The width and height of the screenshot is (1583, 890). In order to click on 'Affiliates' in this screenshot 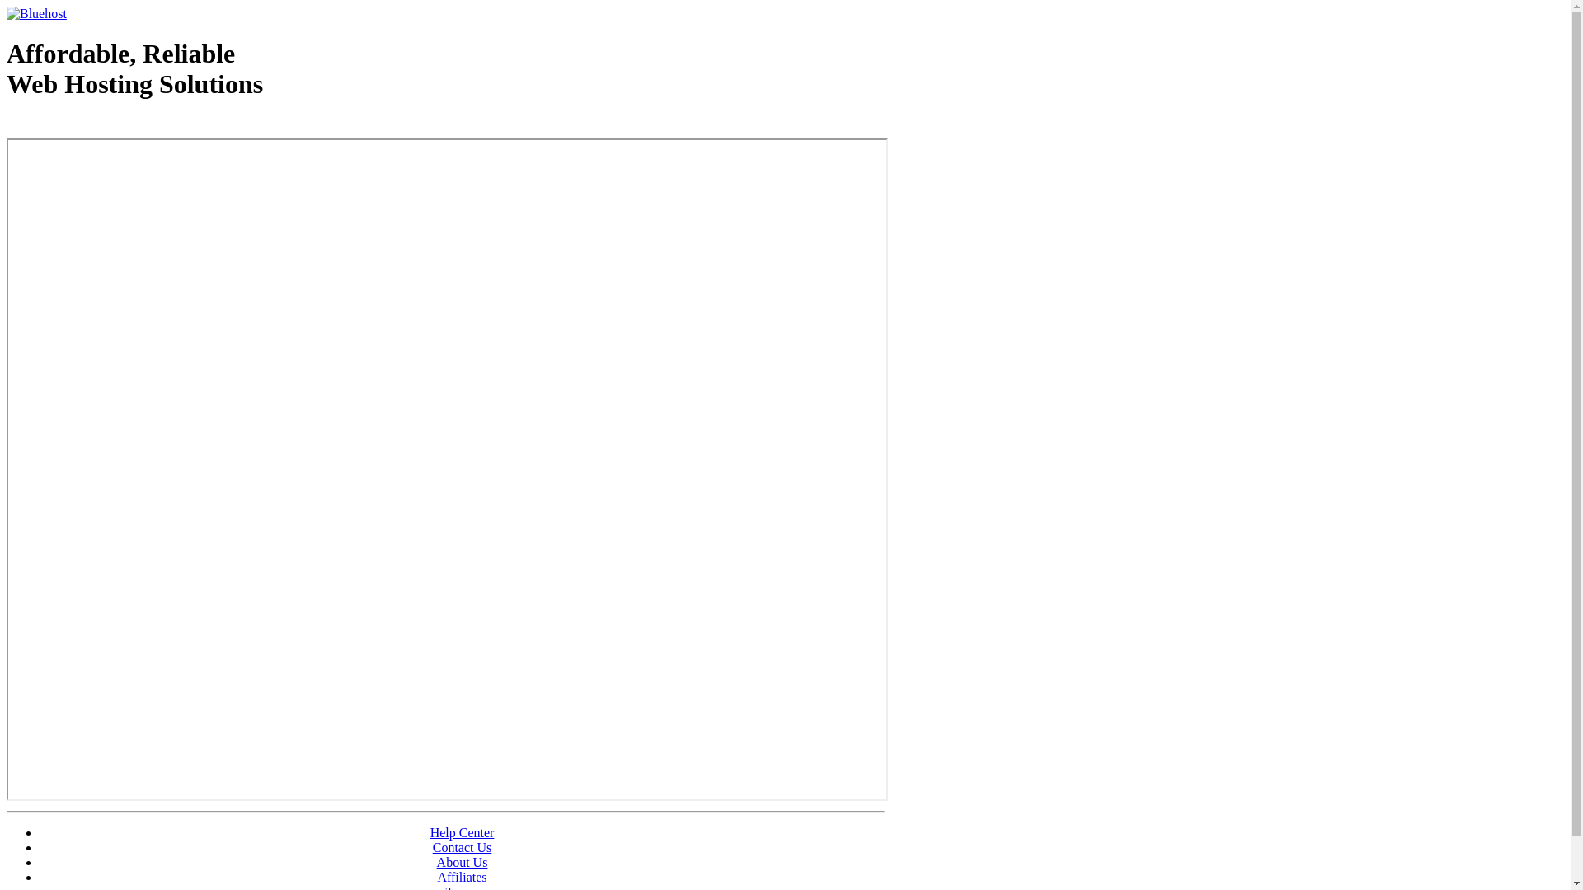, I will do `click(462, 876)`.